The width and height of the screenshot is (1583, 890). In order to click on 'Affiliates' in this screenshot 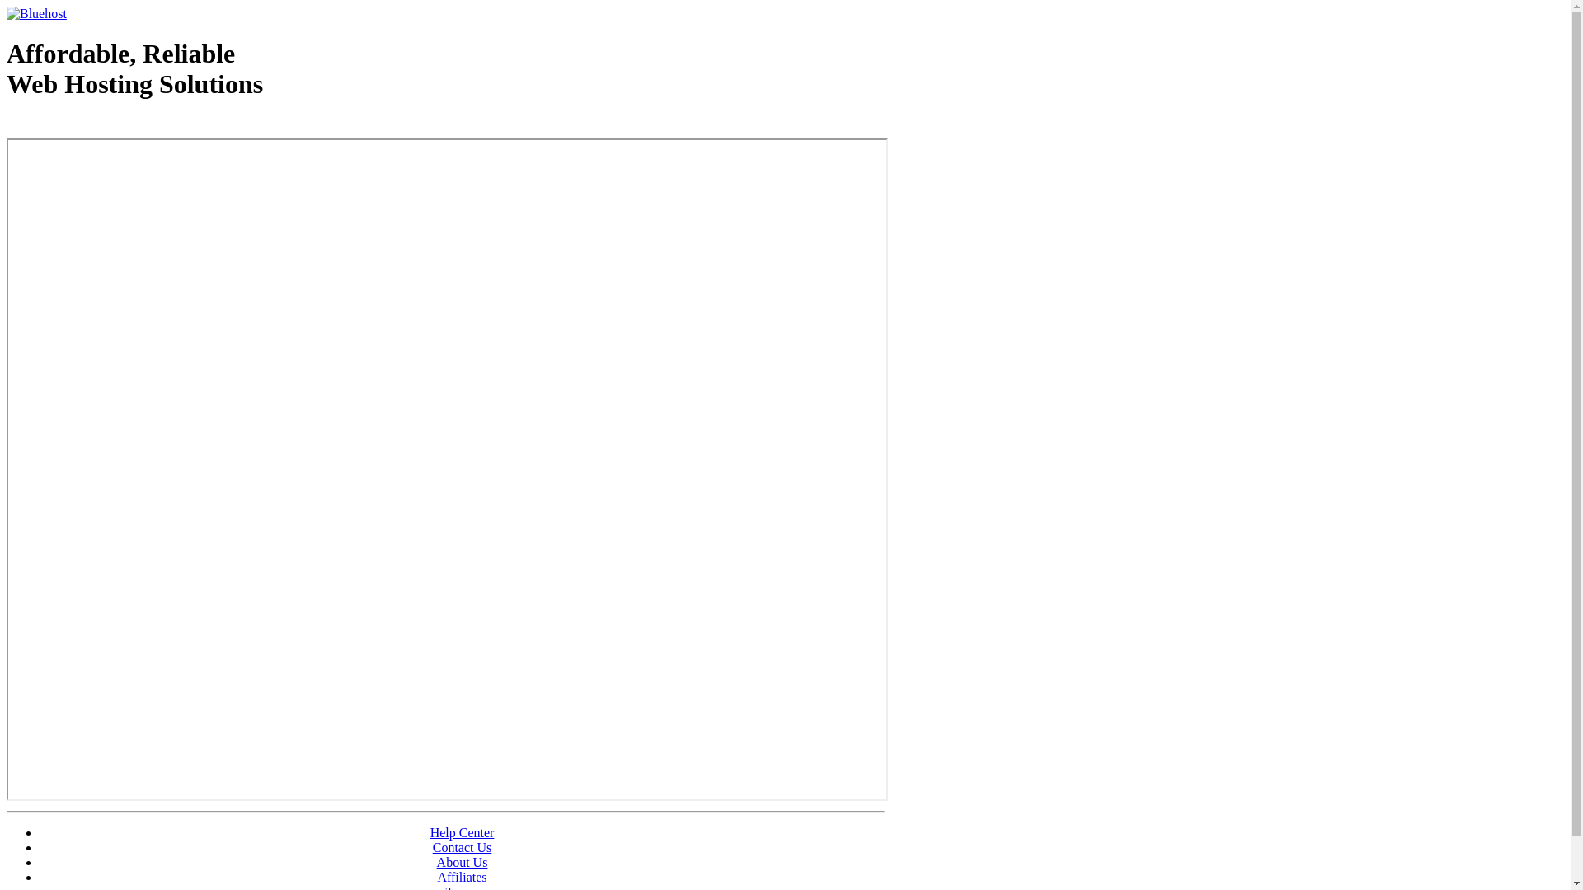, I will do `click(462, 876)`.